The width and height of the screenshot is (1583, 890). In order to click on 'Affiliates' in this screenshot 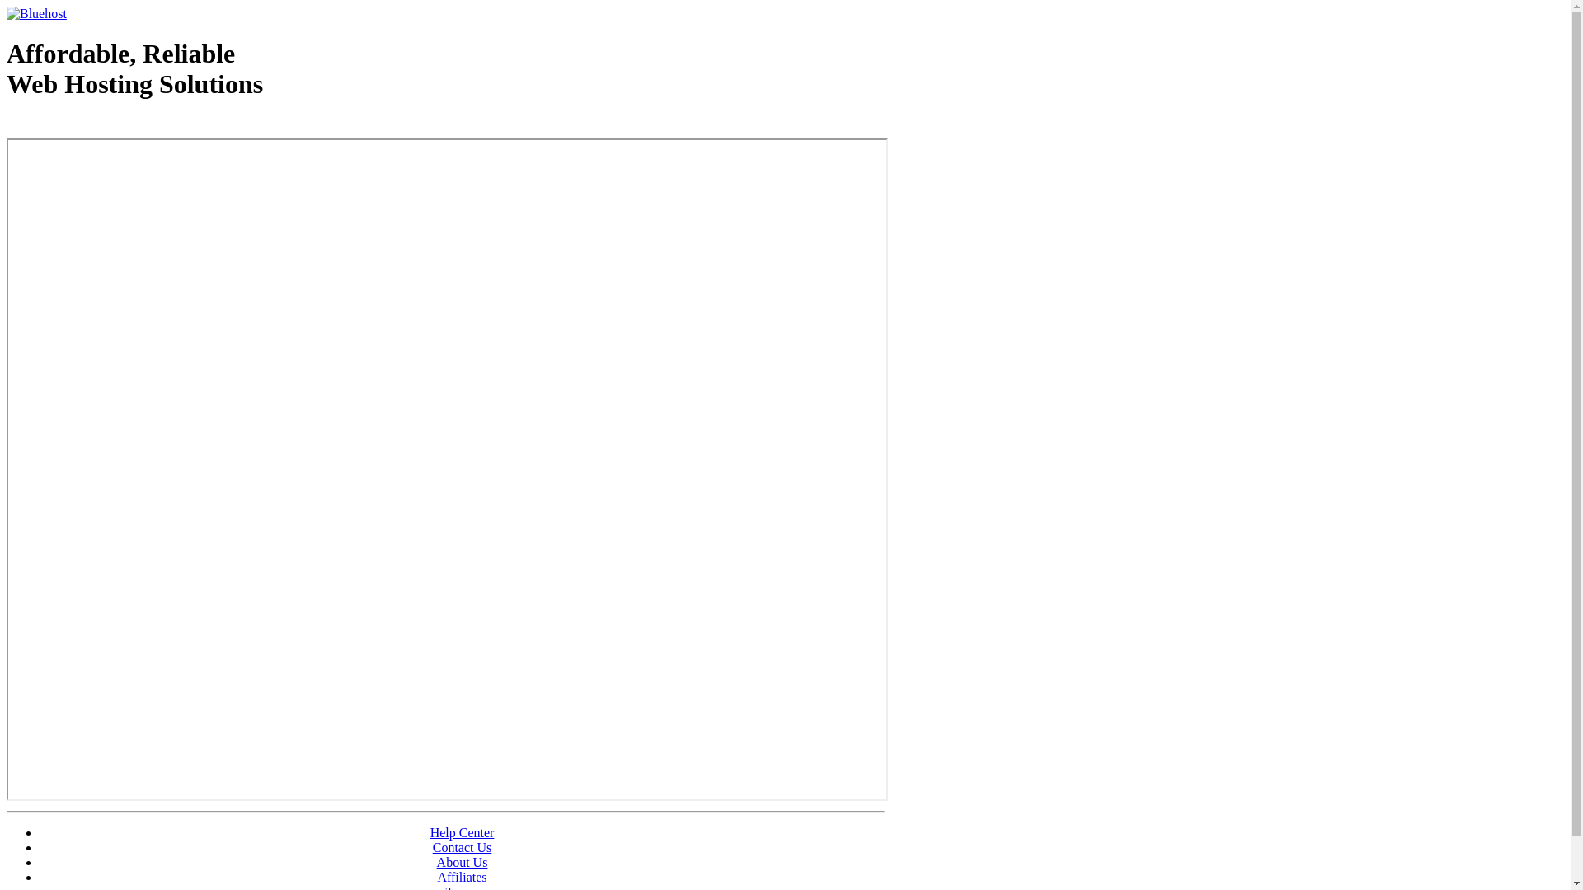, I will do `click(462, 876)`.